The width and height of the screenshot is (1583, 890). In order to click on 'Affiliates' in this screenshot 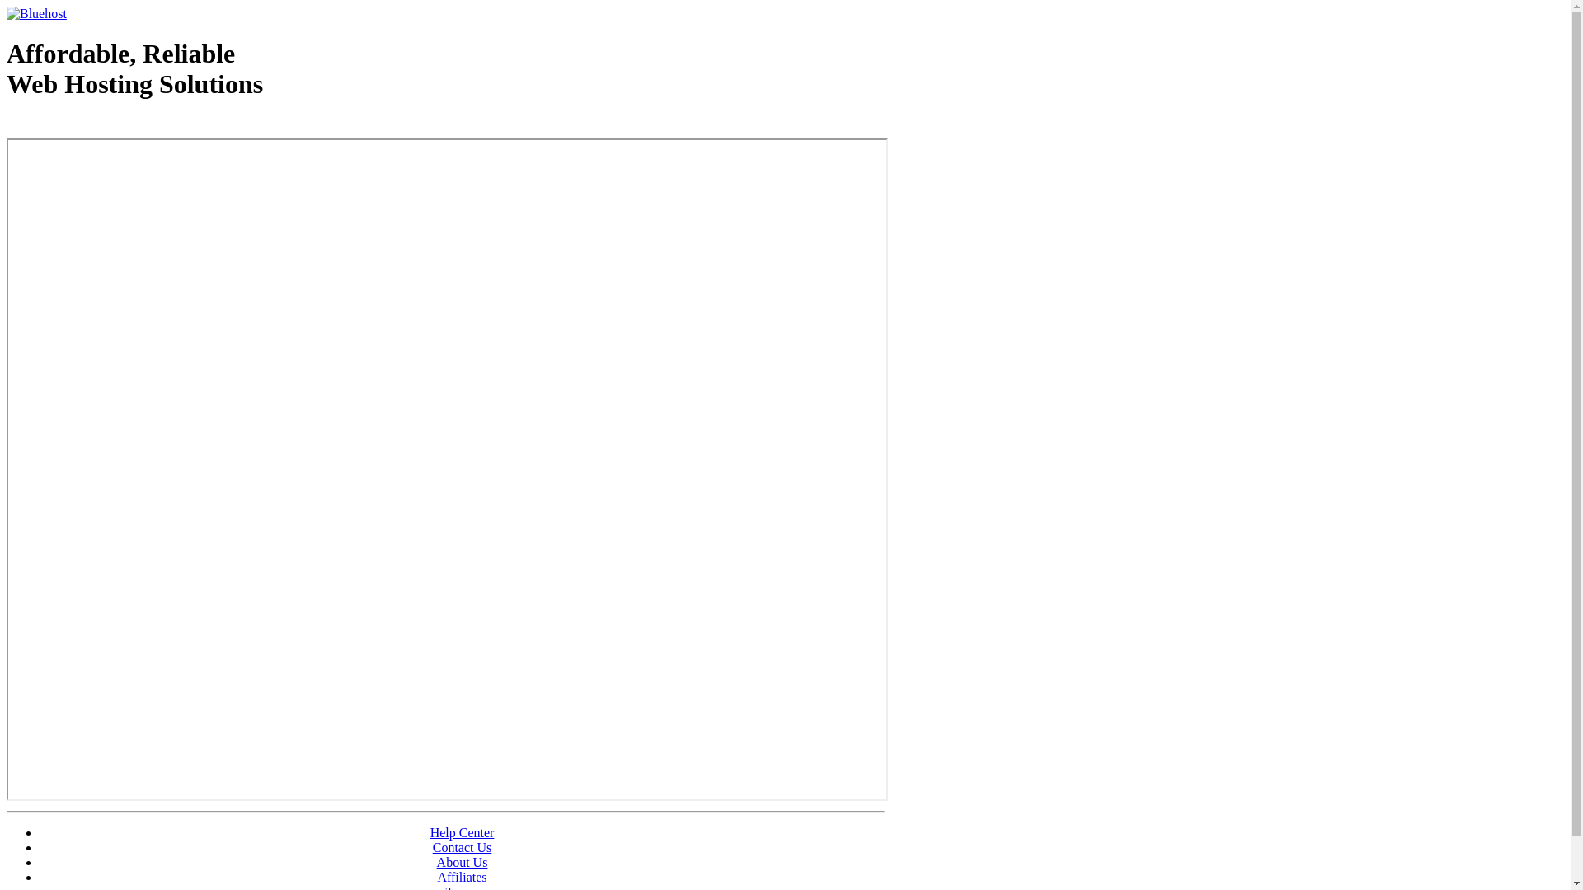, I will do `click(462, 876)`.